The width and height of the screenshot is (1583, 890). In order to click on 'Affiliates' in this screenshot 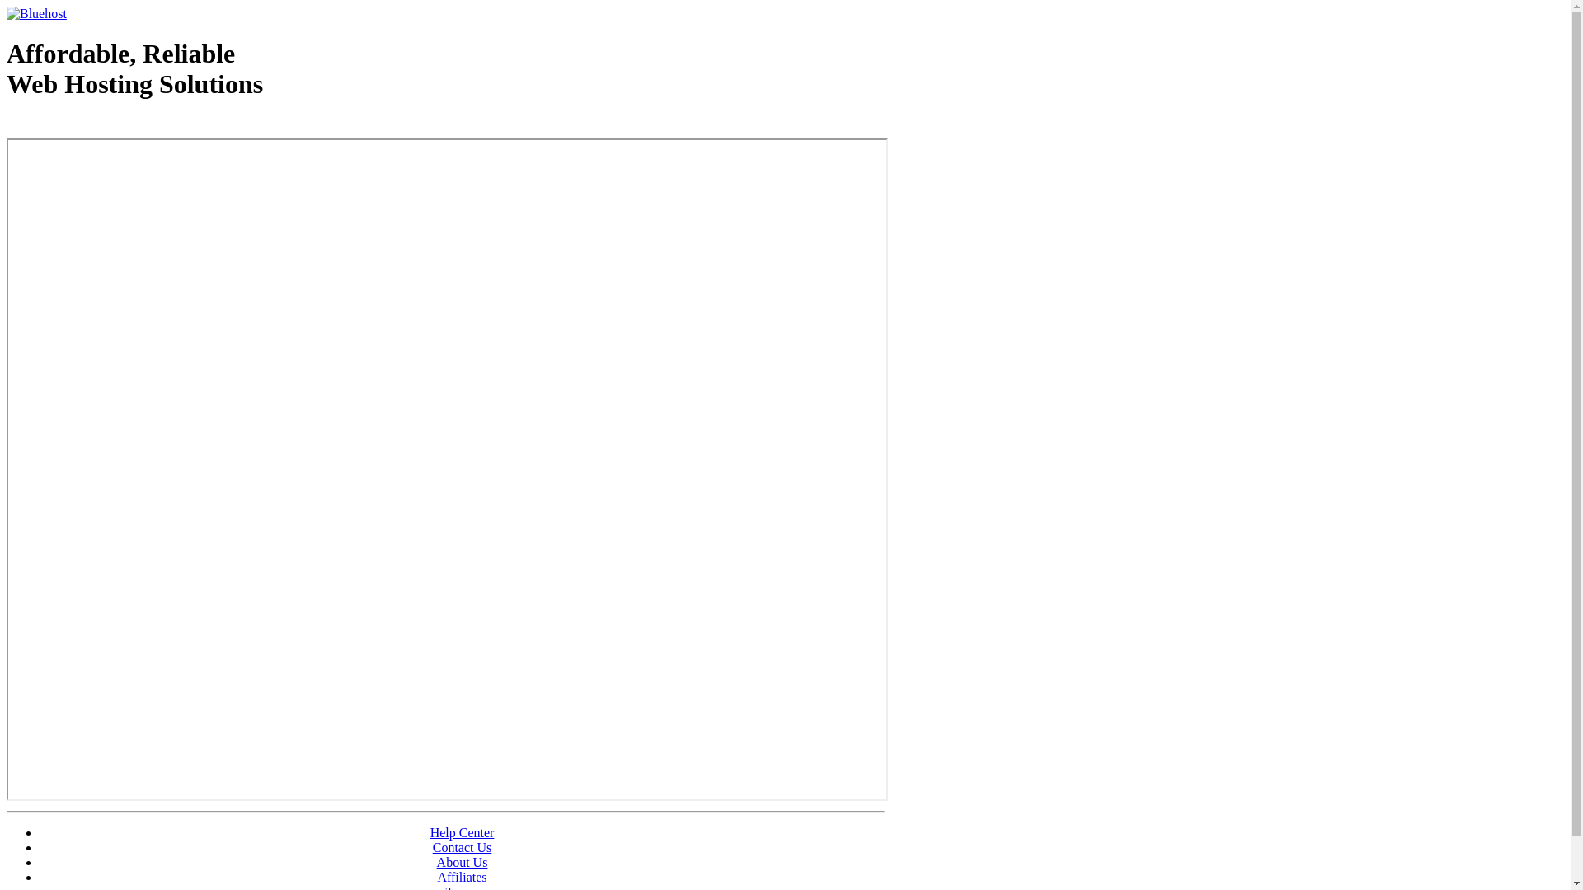, I will do `click(462, 876)`.